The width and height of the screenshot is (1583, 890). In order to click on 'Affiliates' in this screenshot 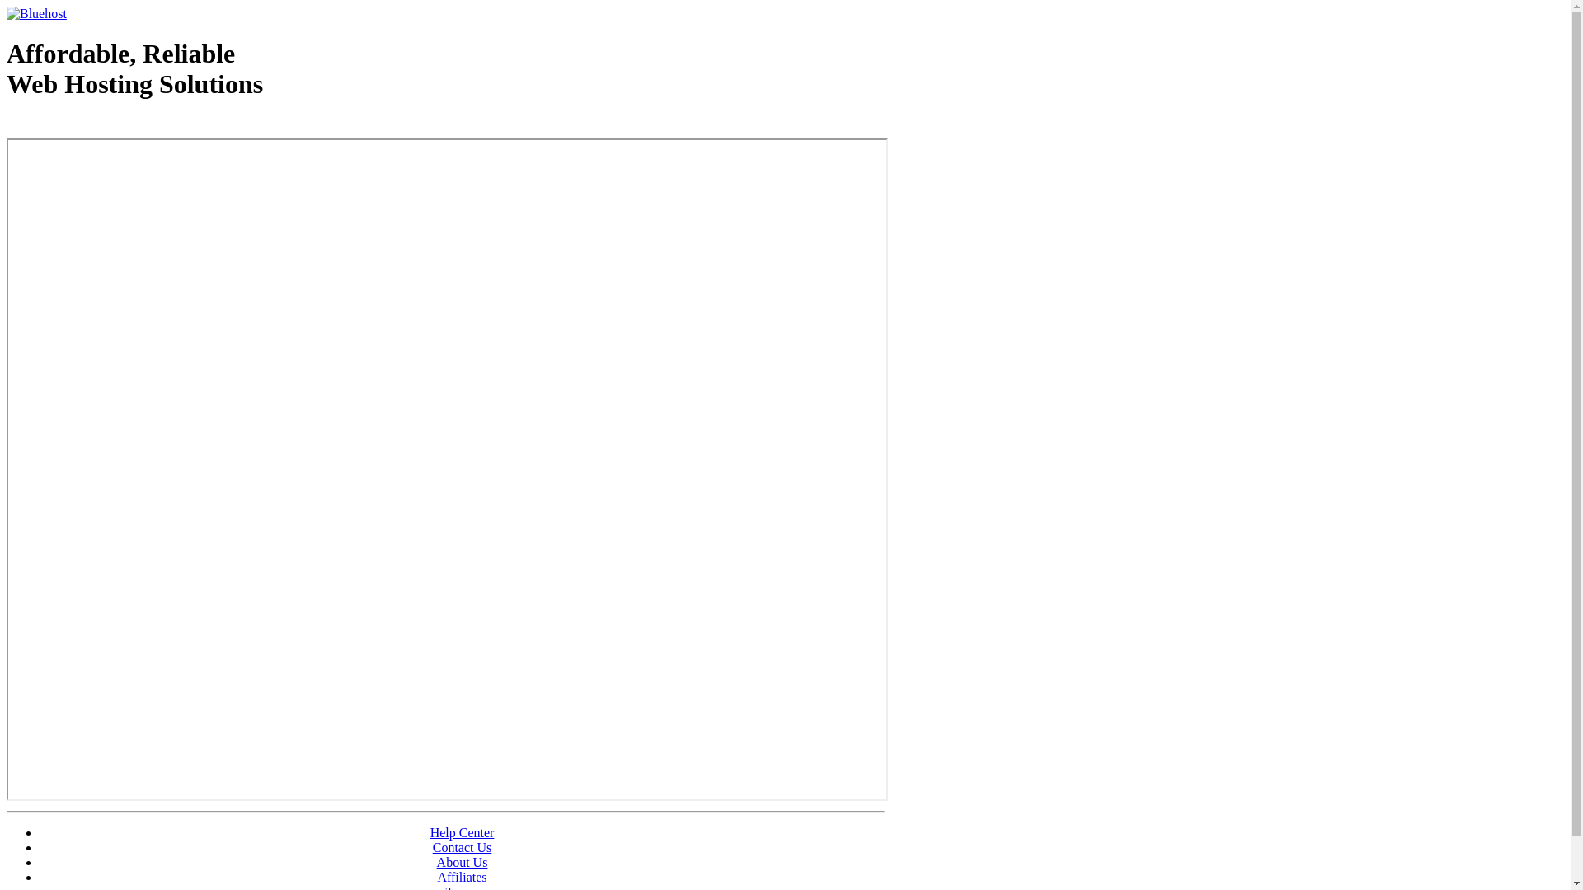, I will do `click(462, 876)`.